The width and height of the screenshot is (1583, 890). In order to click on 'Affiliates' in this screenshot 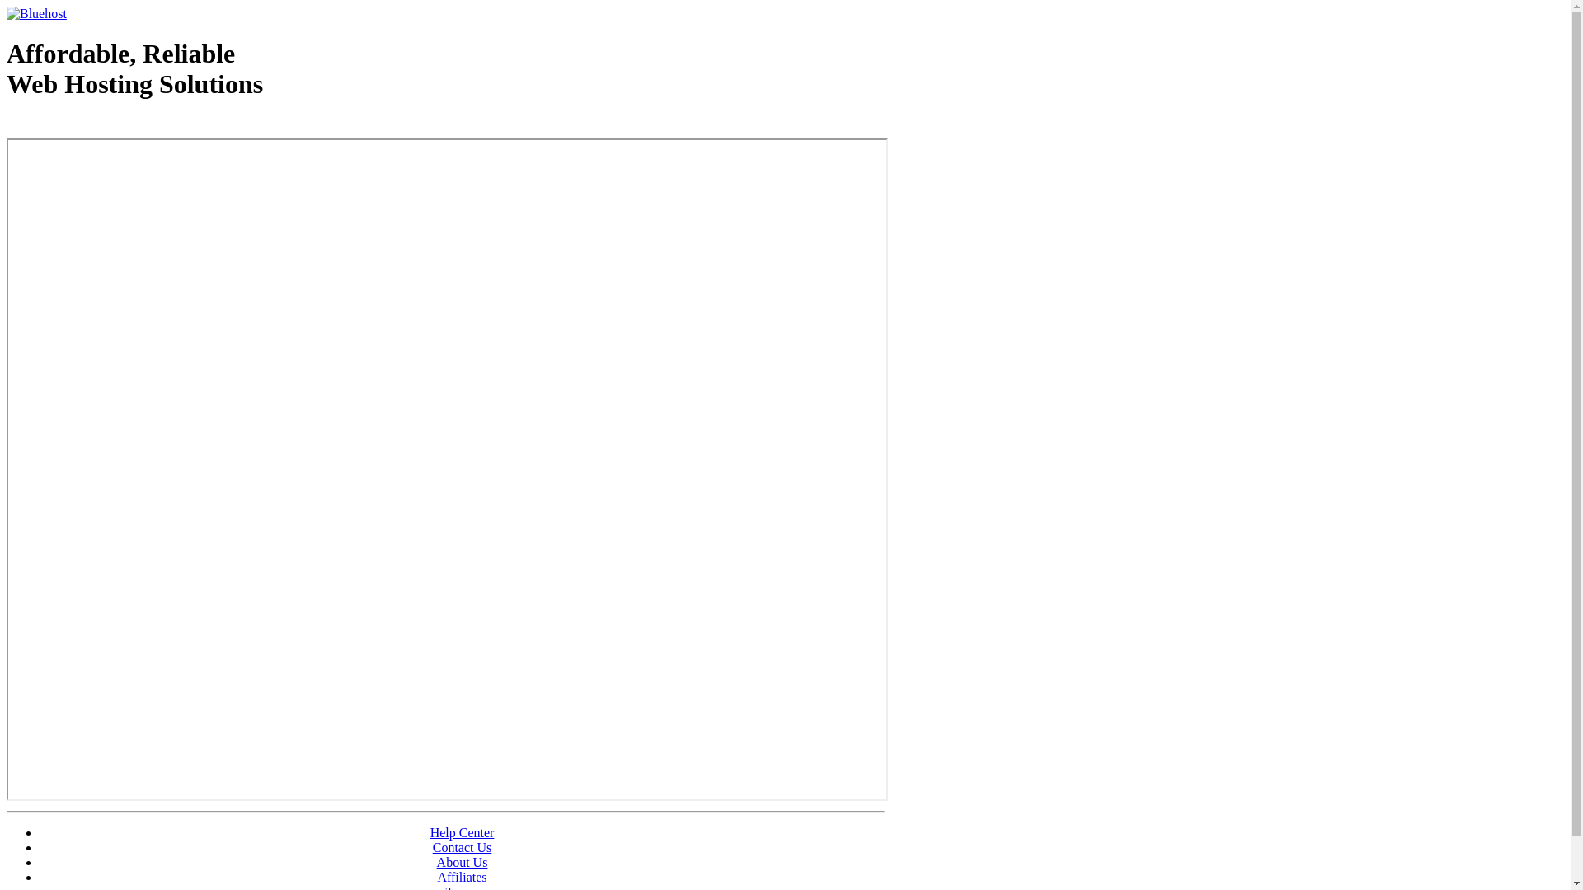, I will do `click(462, 876)`.